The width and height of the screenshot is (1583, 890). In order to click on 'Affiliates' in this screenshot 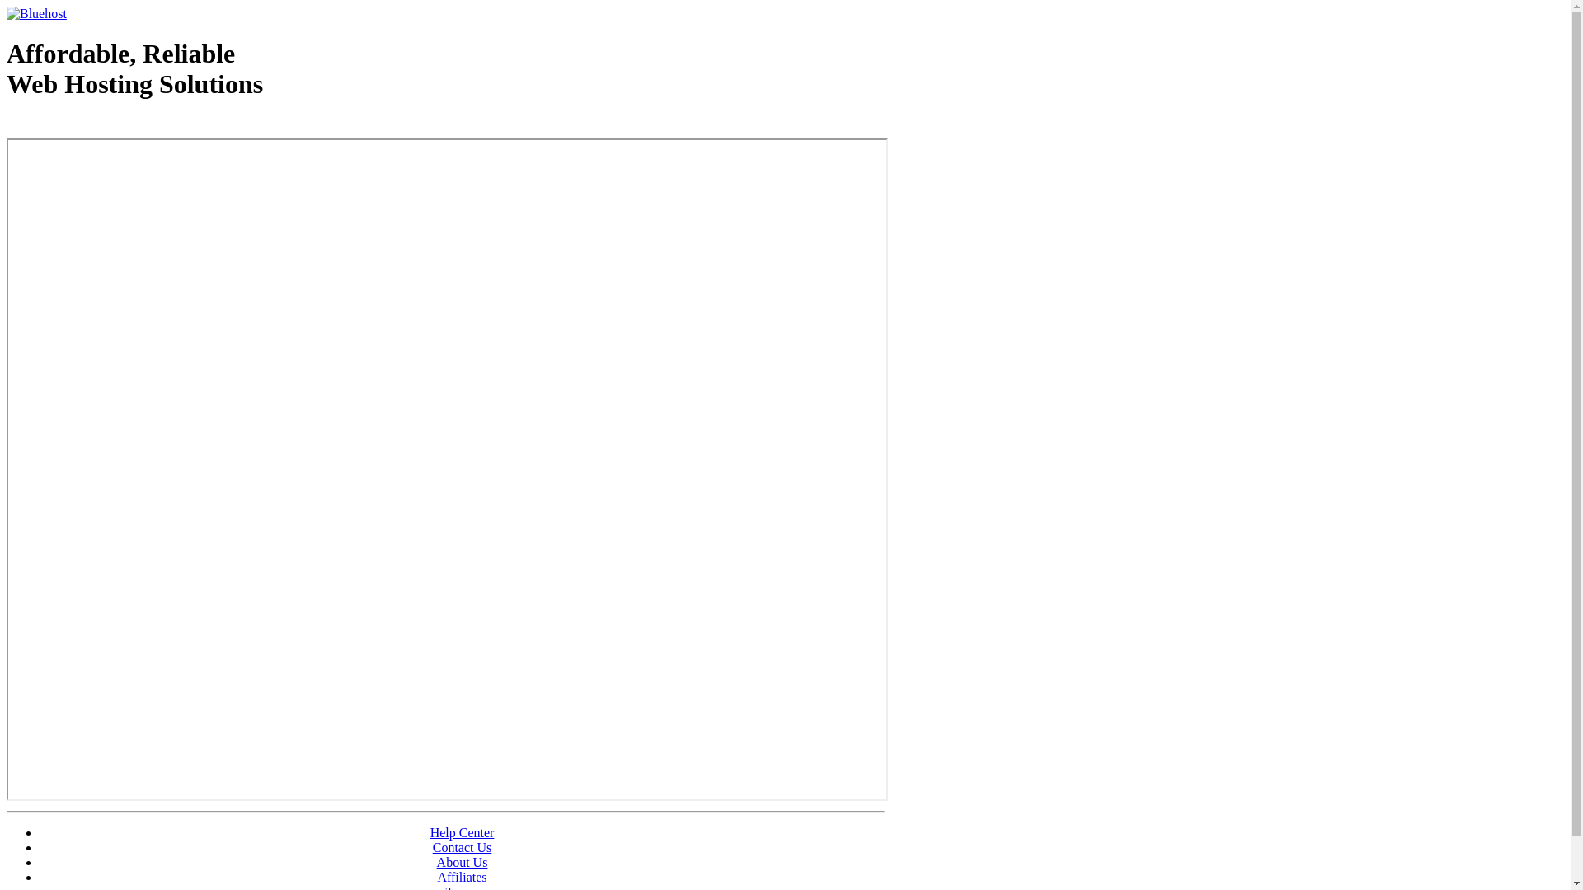, I will do `click(462, 876)`.